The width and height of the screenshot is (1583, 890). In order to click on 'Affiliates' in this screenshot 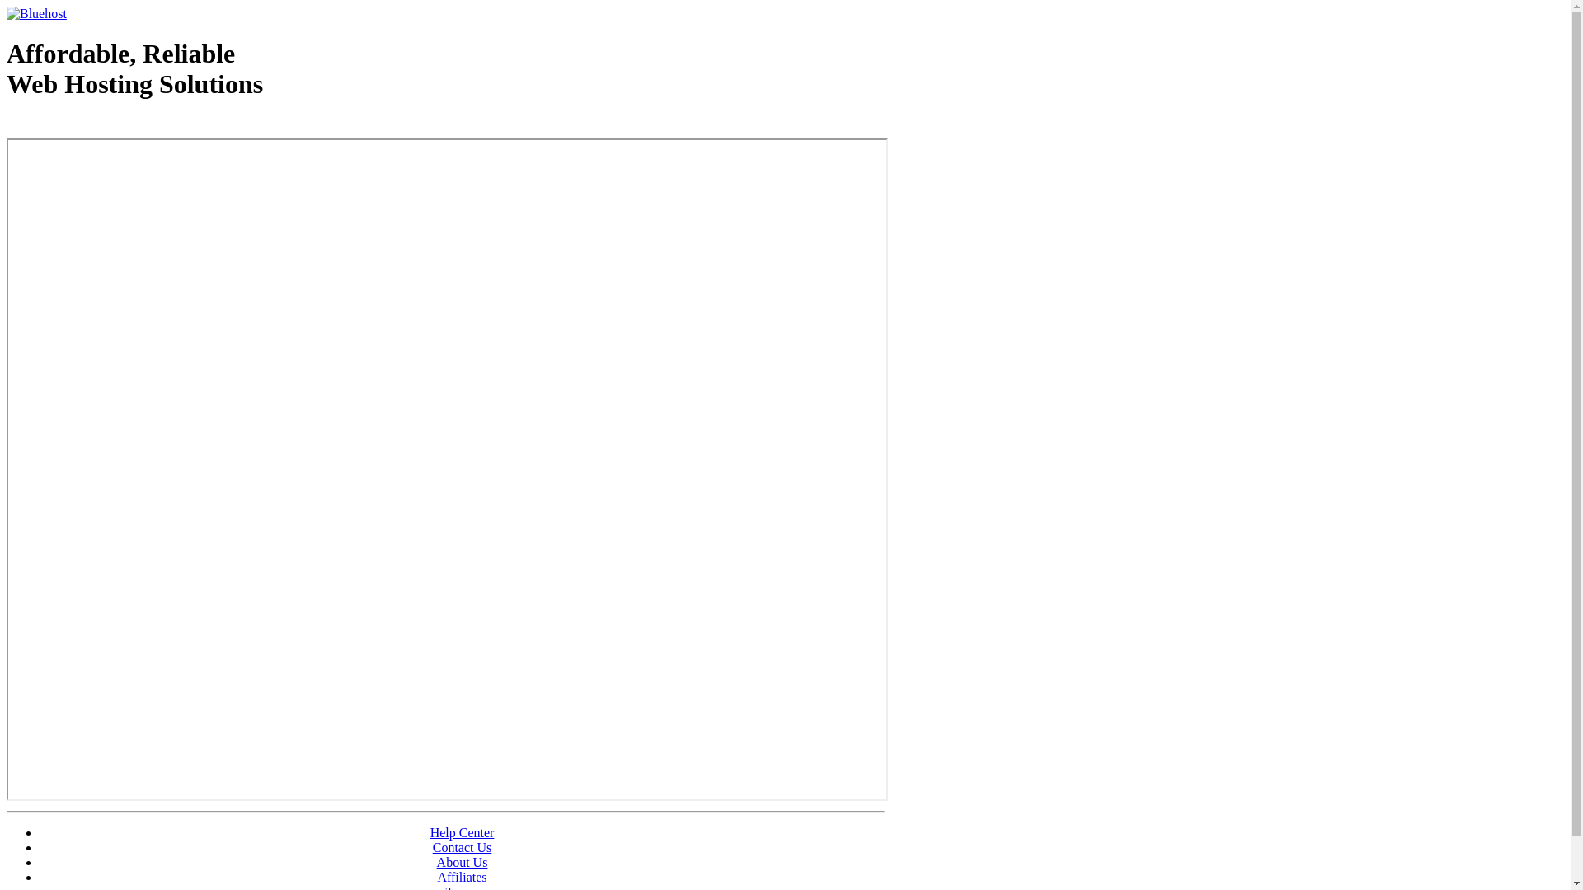, I will do `click(462, 876)`.